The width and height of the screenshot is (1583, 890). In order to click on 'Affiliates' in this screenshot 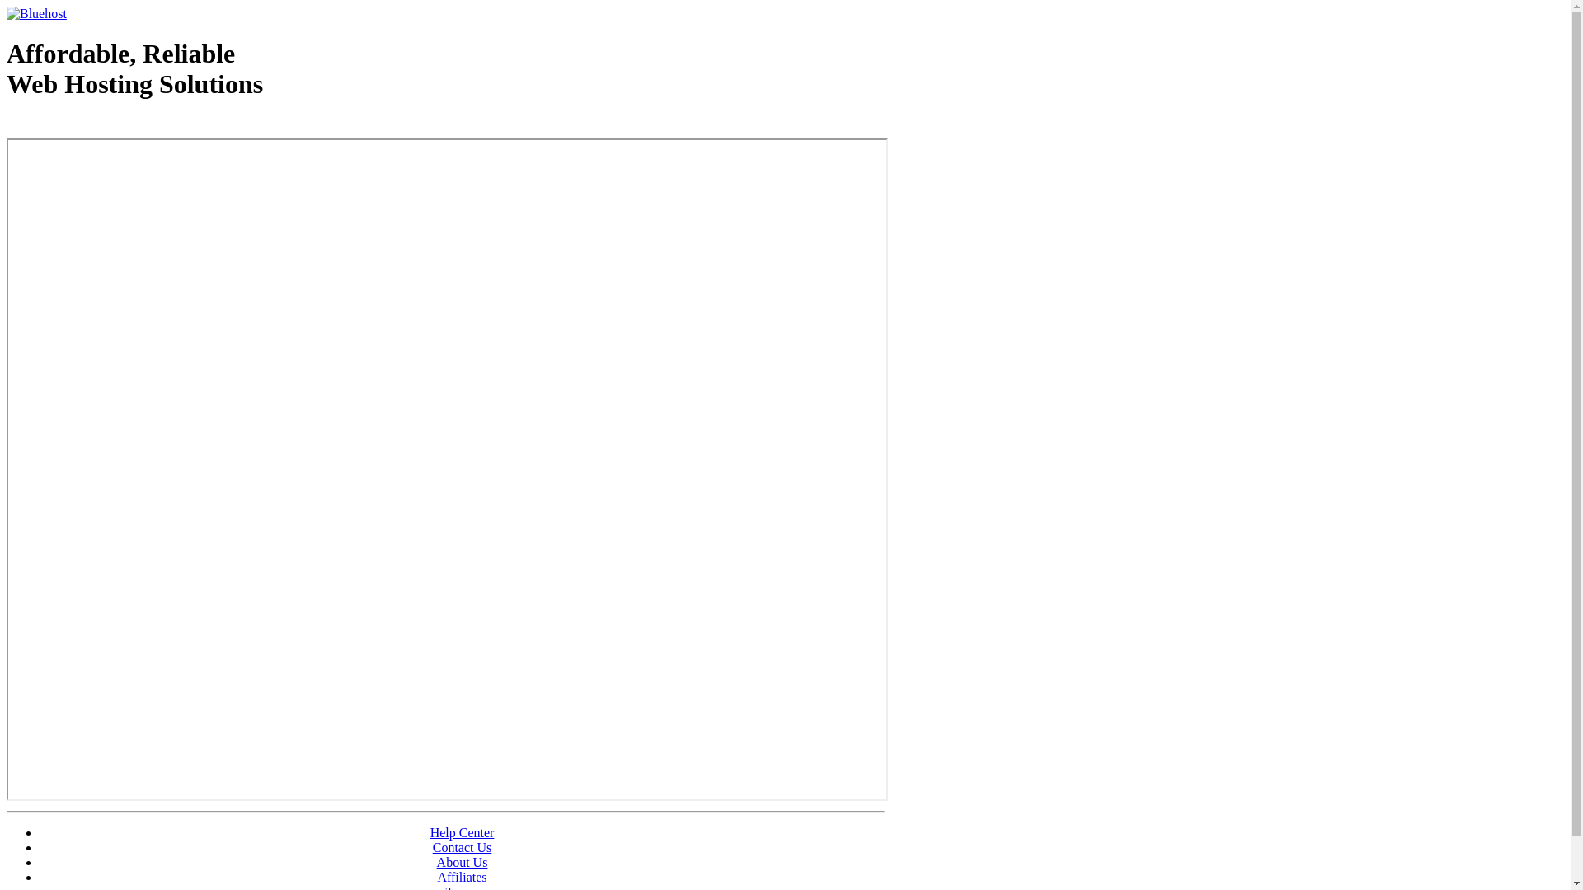, I will do `click(462, 876)`.